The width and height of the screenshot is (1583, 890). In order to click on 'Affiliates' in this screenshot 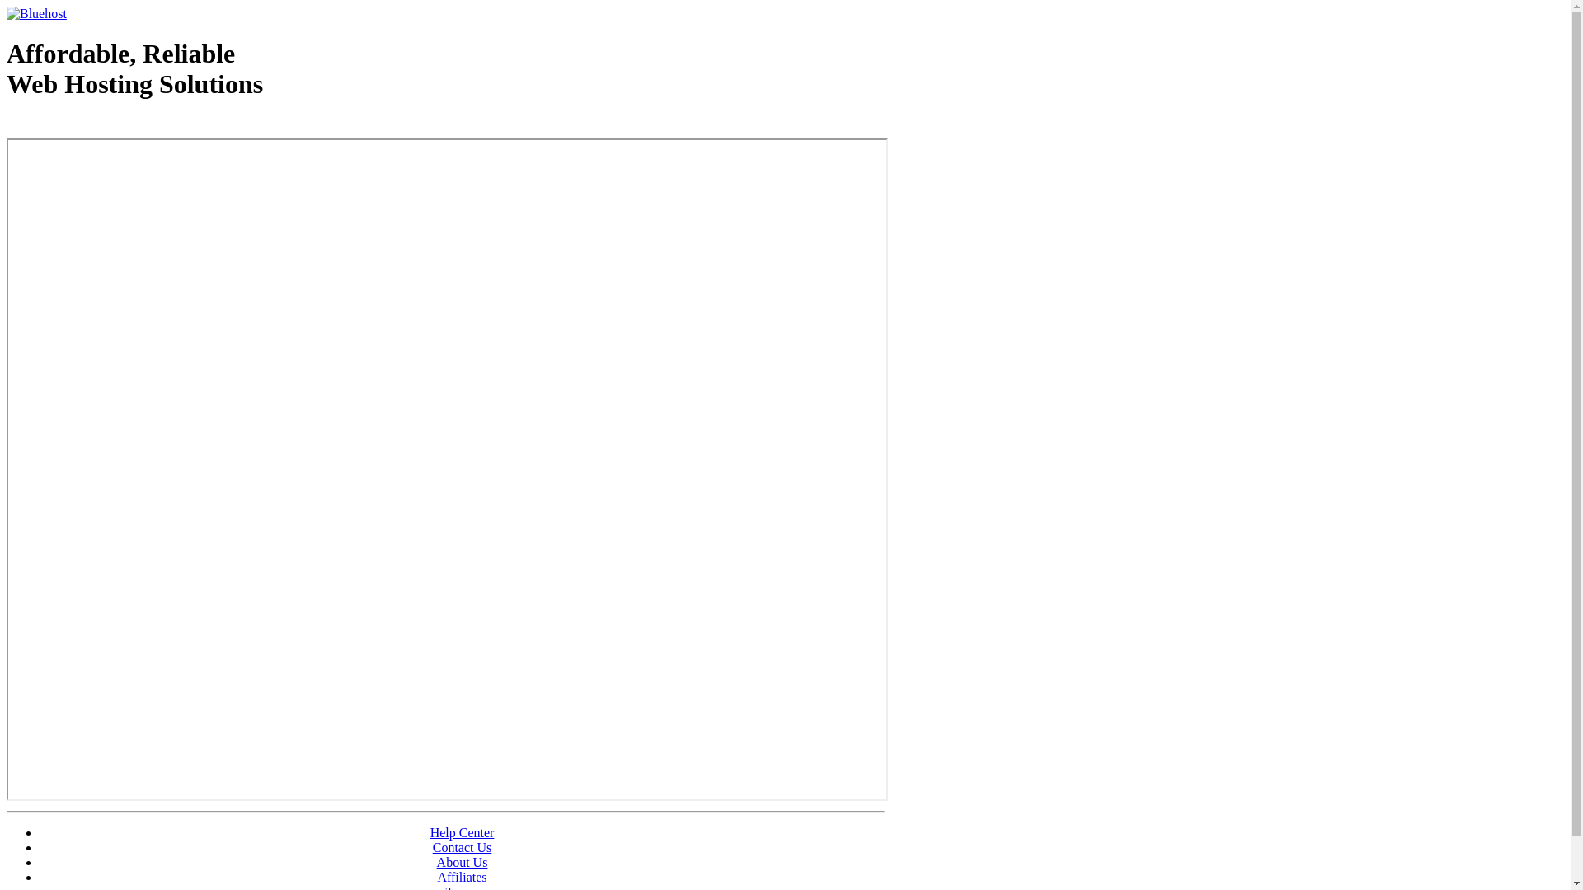, I will do `click(462, 876)`.